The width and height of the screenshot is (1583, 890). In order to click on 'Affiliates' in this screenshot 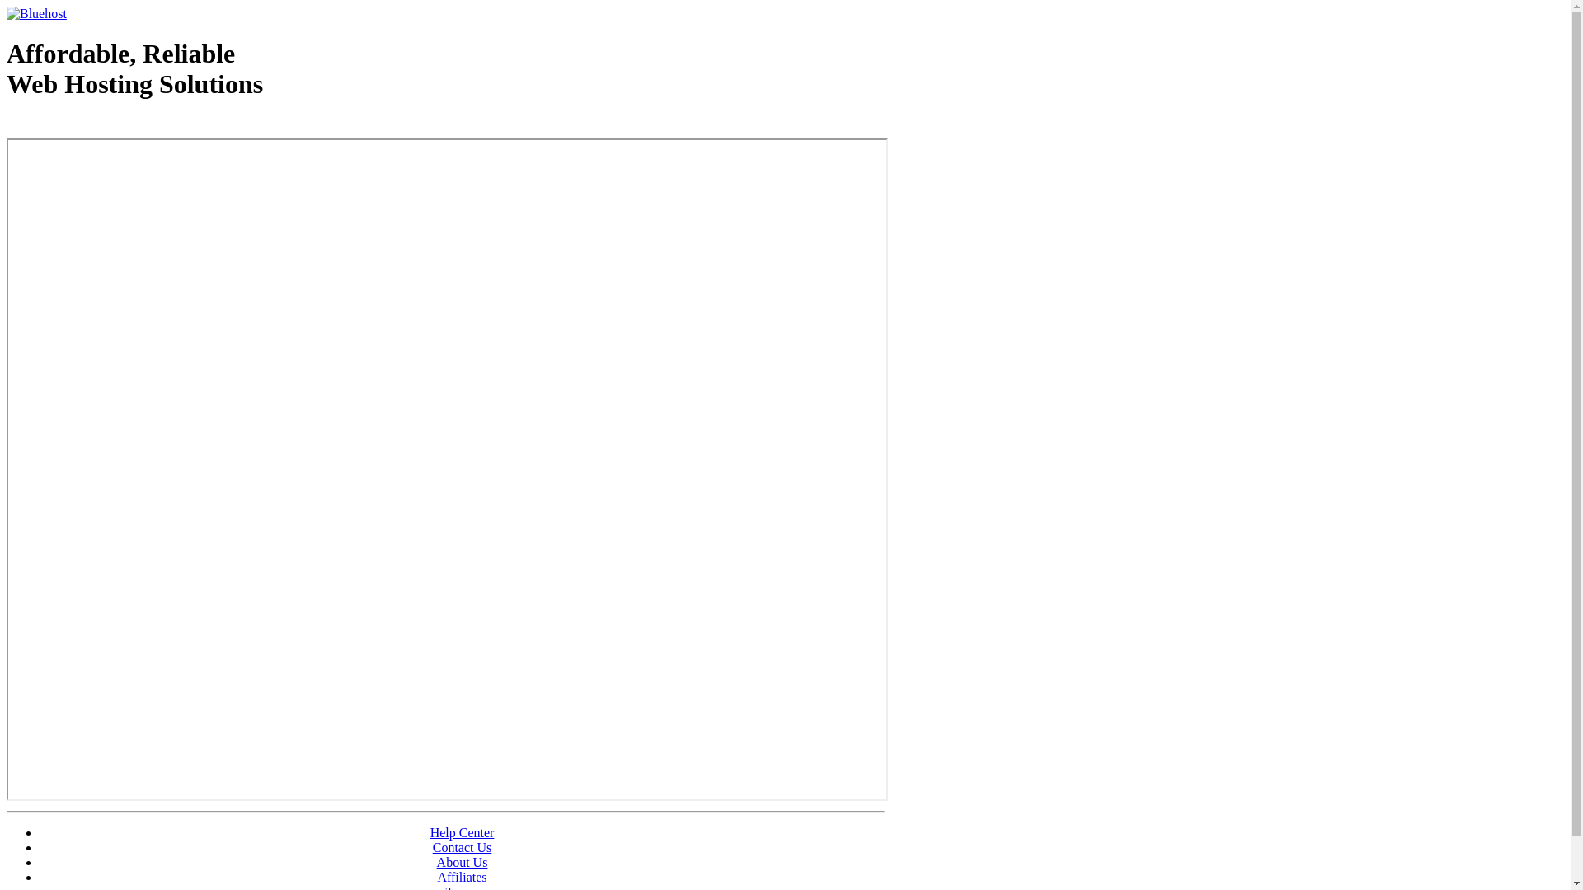, I will do `click(462, 876)`.